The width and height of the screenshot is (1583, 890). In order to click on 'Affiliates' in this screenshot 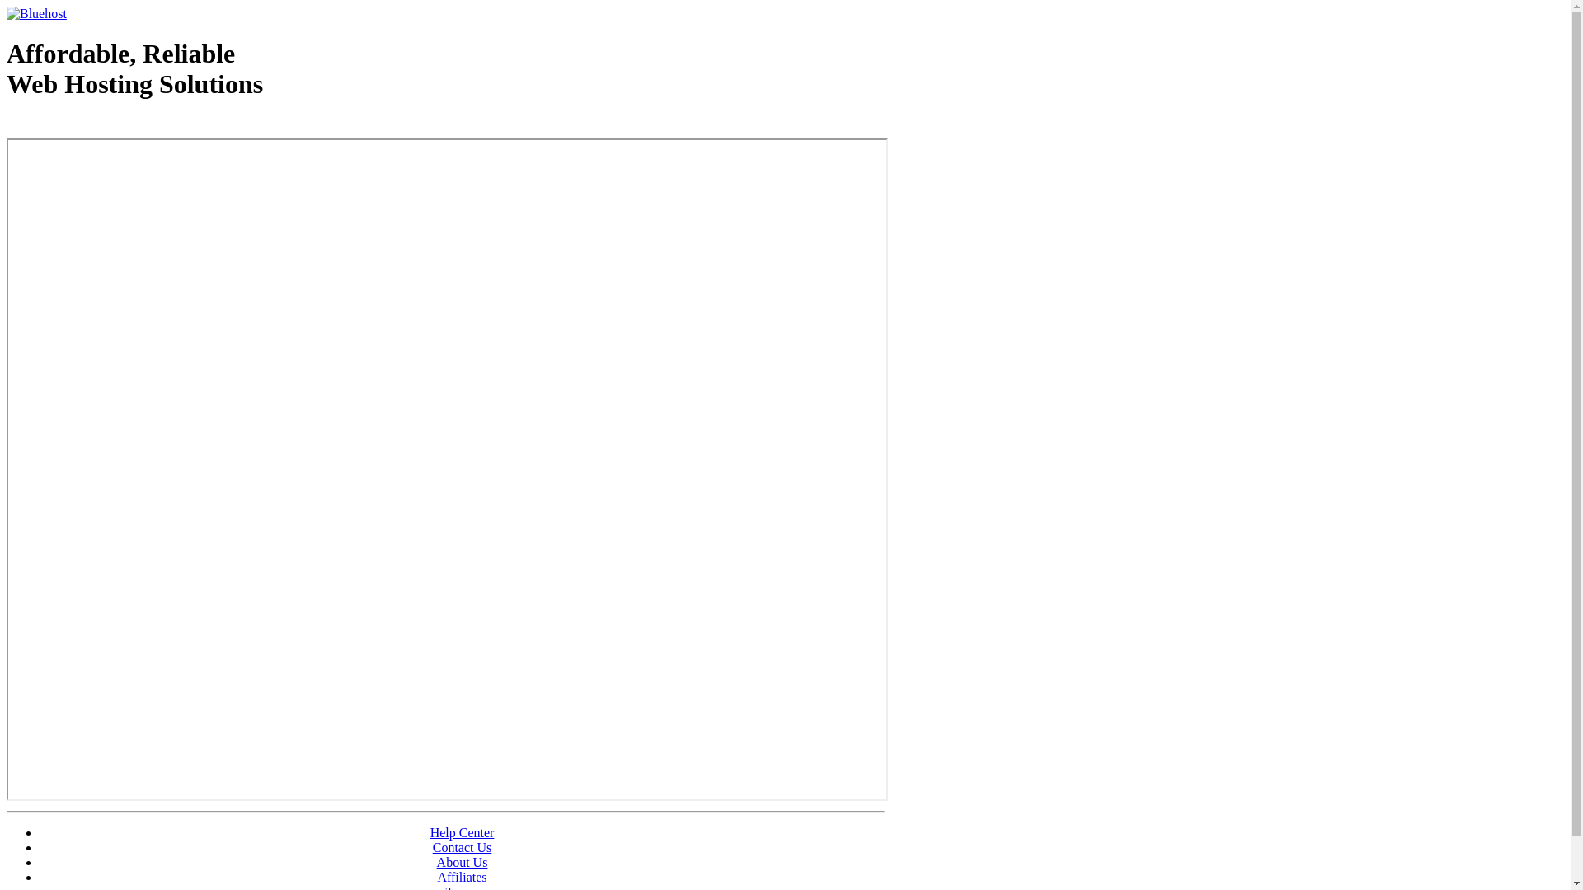, I will do `click(462, 876)`.